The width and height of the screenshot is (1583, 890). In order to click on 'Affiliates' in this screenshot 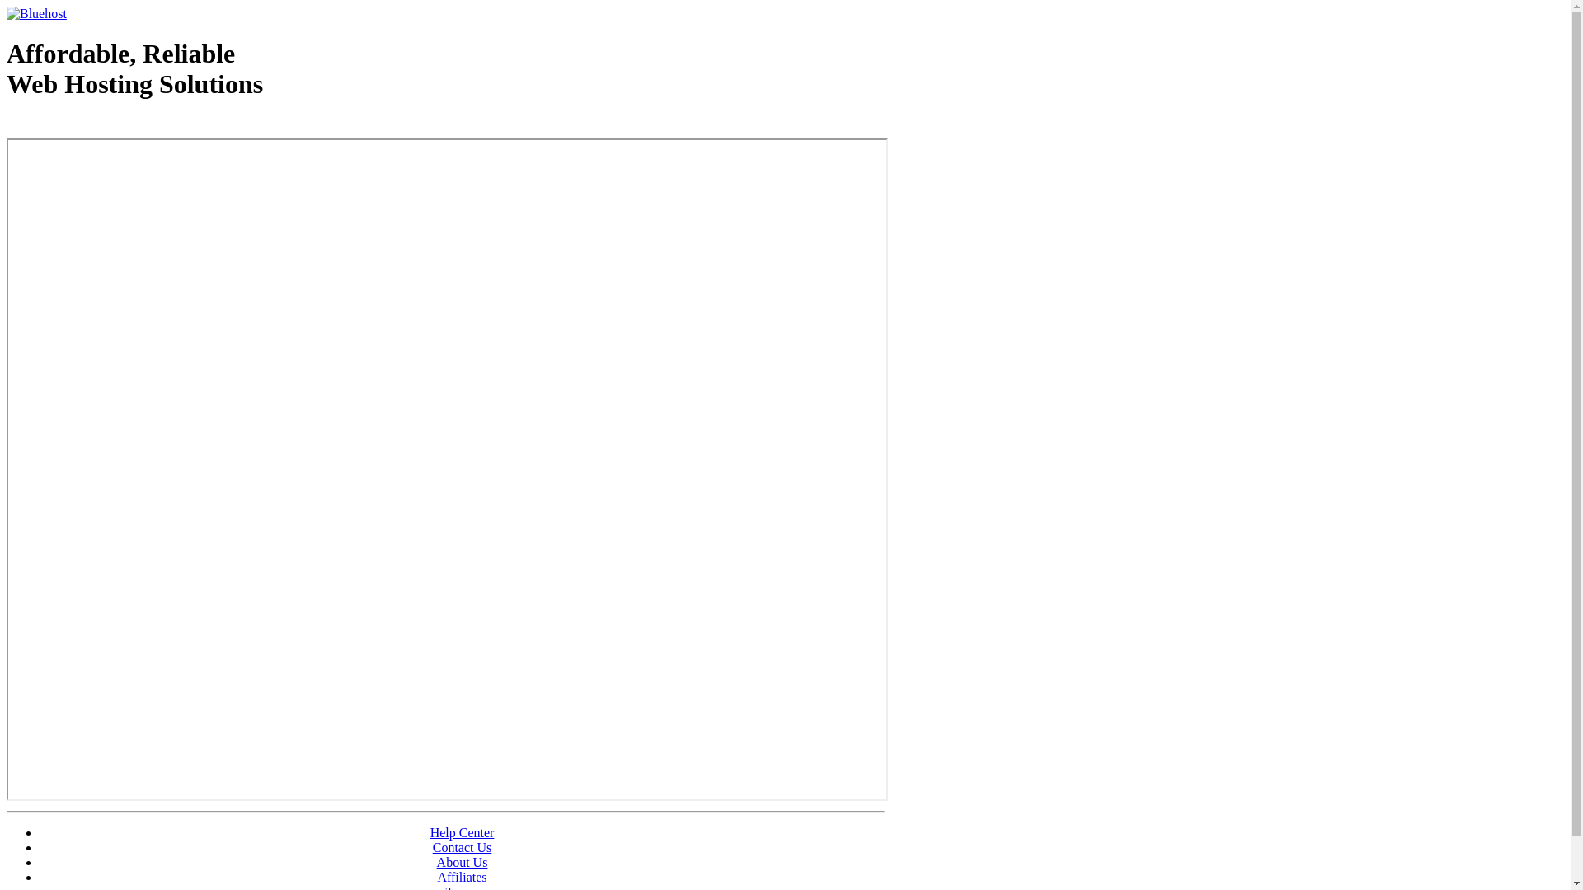, I will do `click(462, 876)`.